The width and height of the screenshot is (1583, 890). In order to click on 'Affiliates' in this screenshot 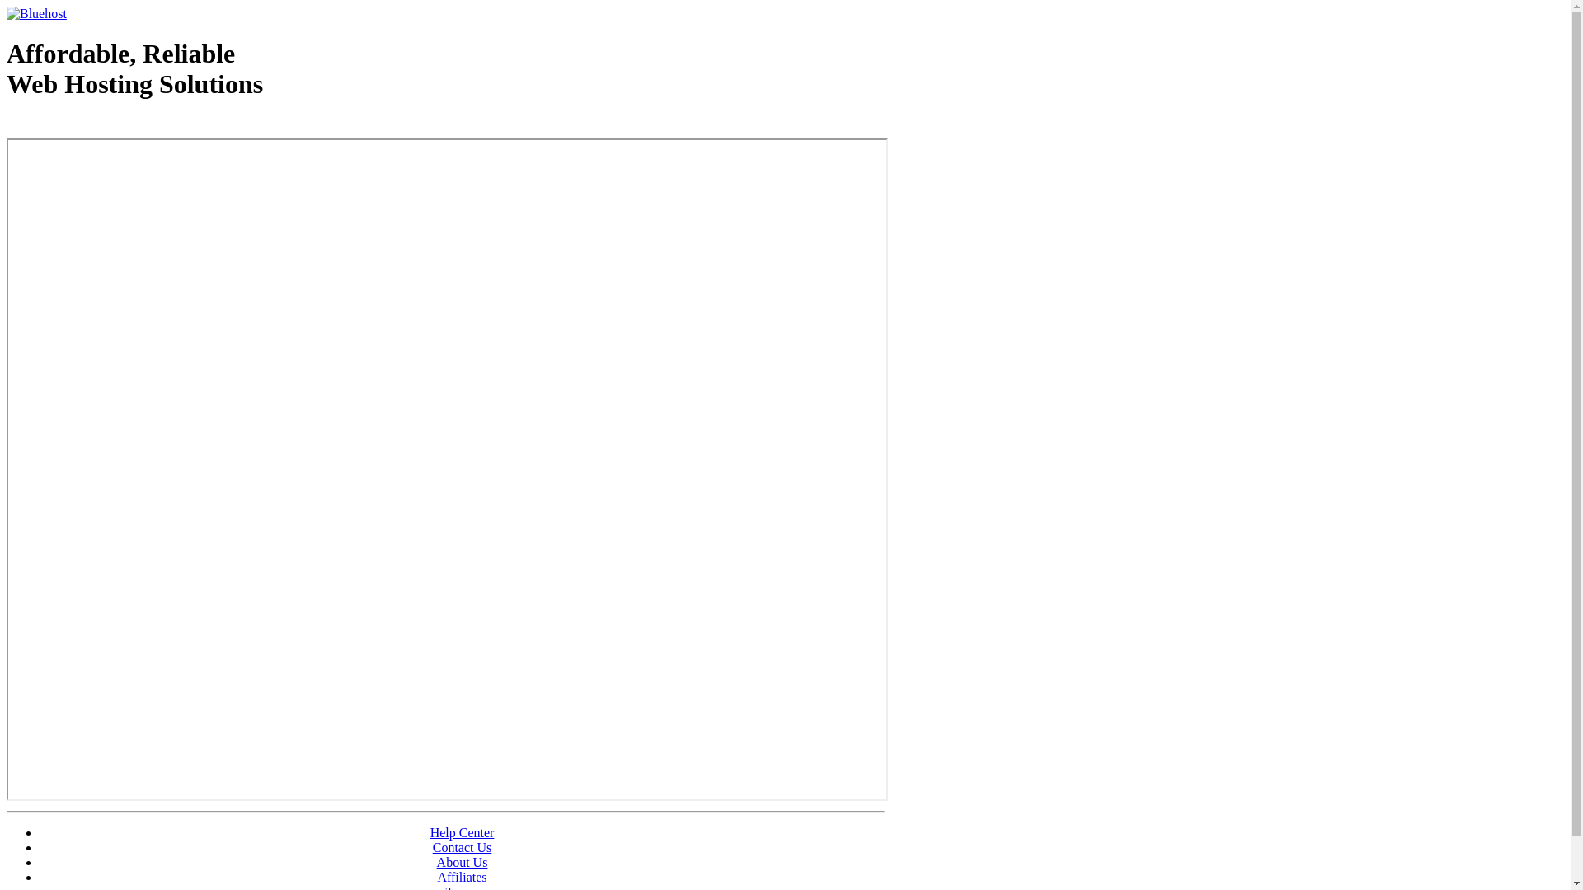, I will do `click(462, 876)`.